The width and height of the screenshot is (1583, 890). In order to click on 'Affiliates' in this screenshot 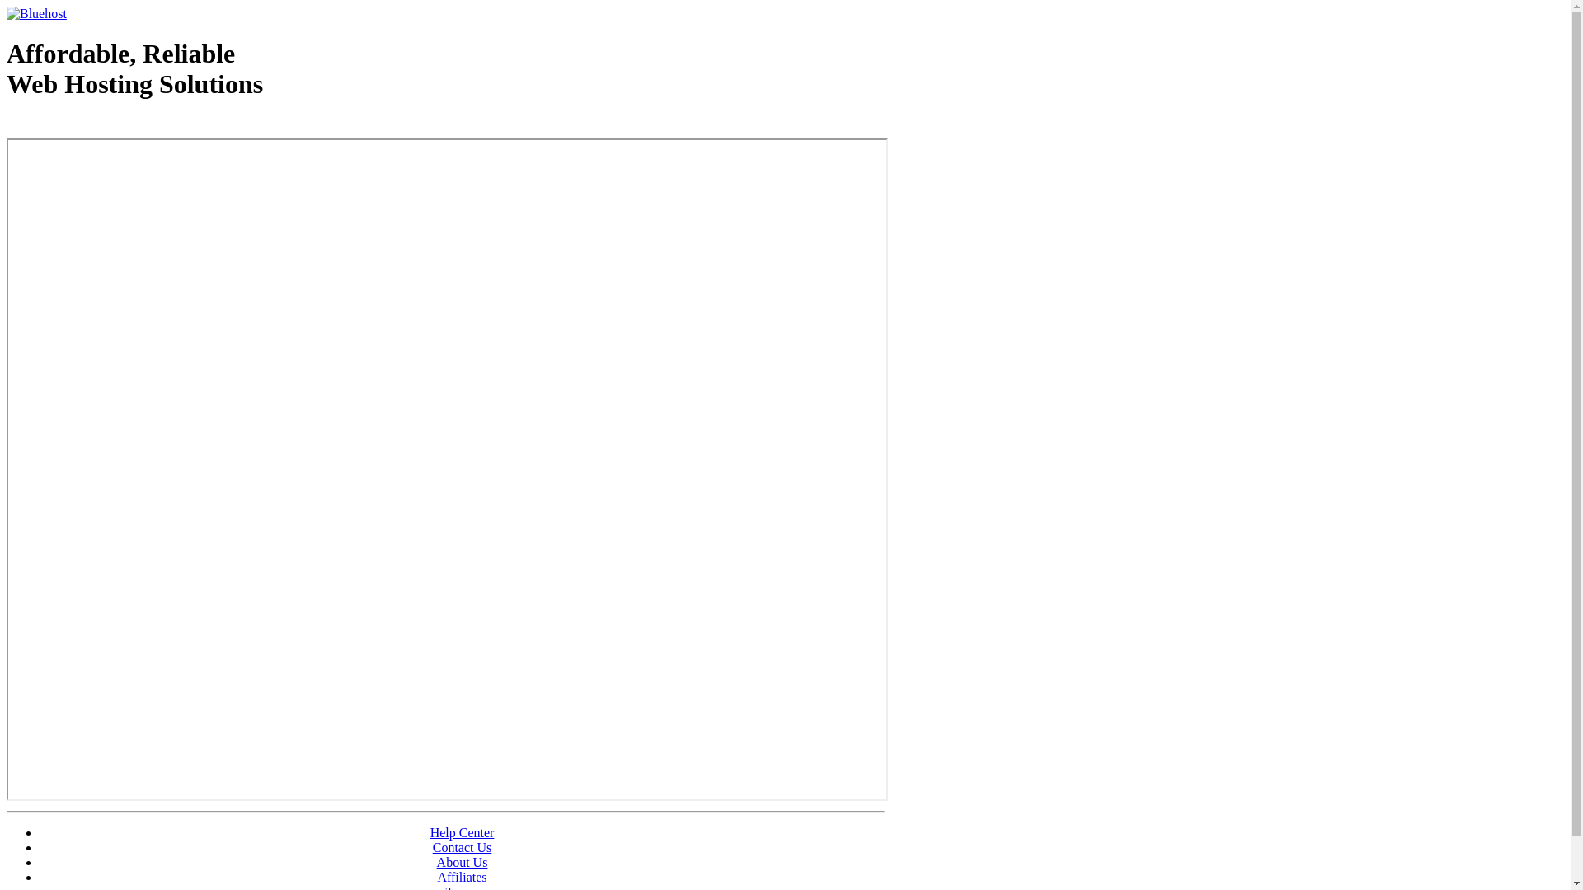, I will do `click(462, 876)`.